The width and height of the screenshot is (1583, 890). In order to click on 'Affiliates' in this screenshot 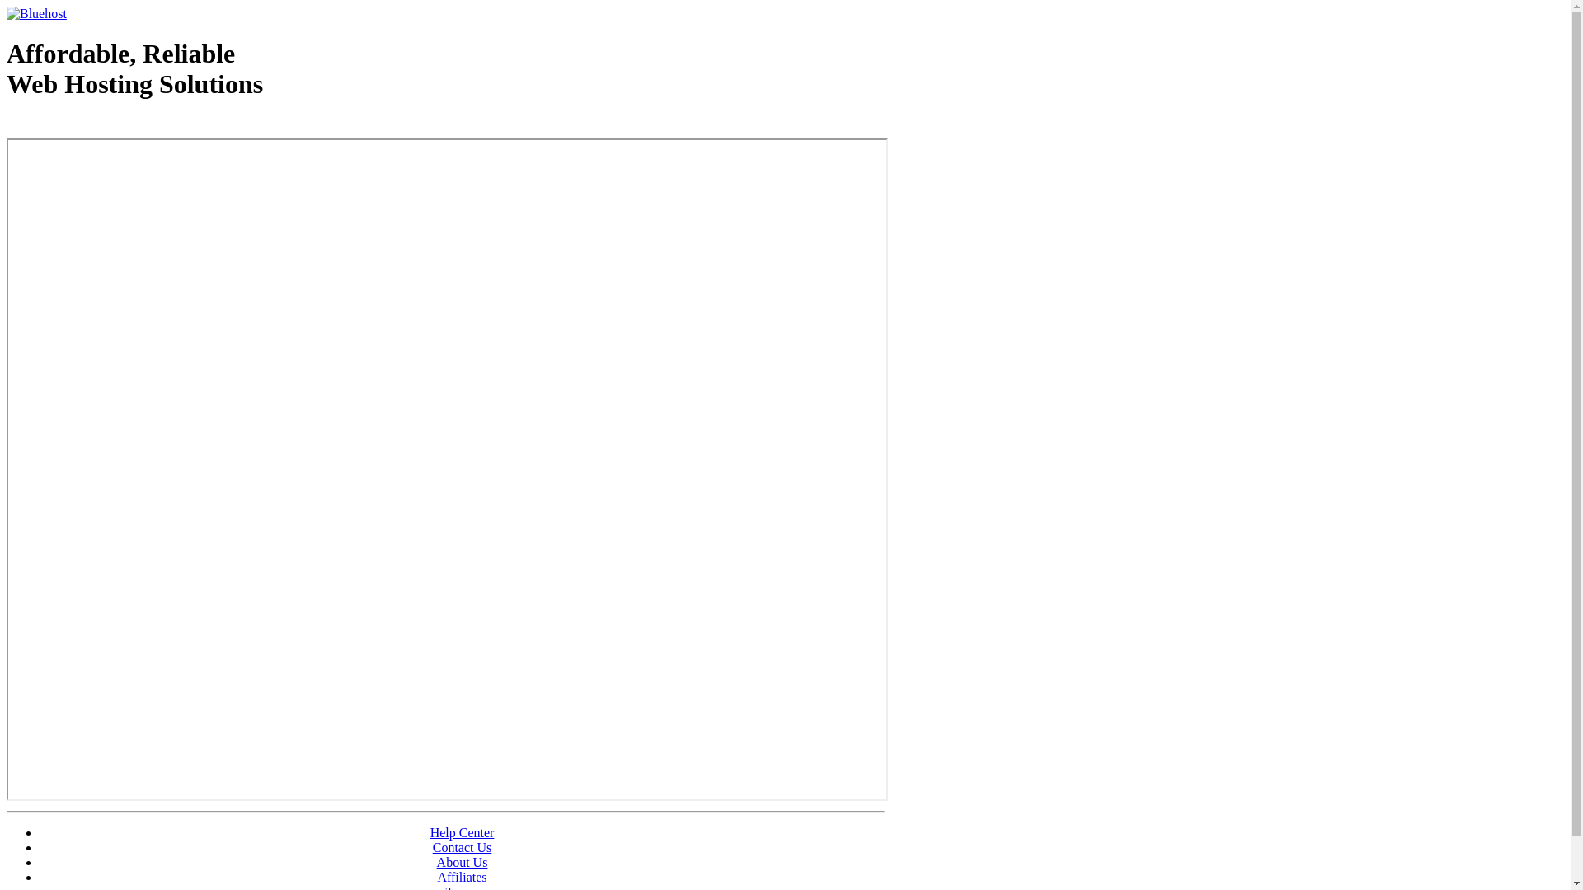, I will do `click(462, 876)`.